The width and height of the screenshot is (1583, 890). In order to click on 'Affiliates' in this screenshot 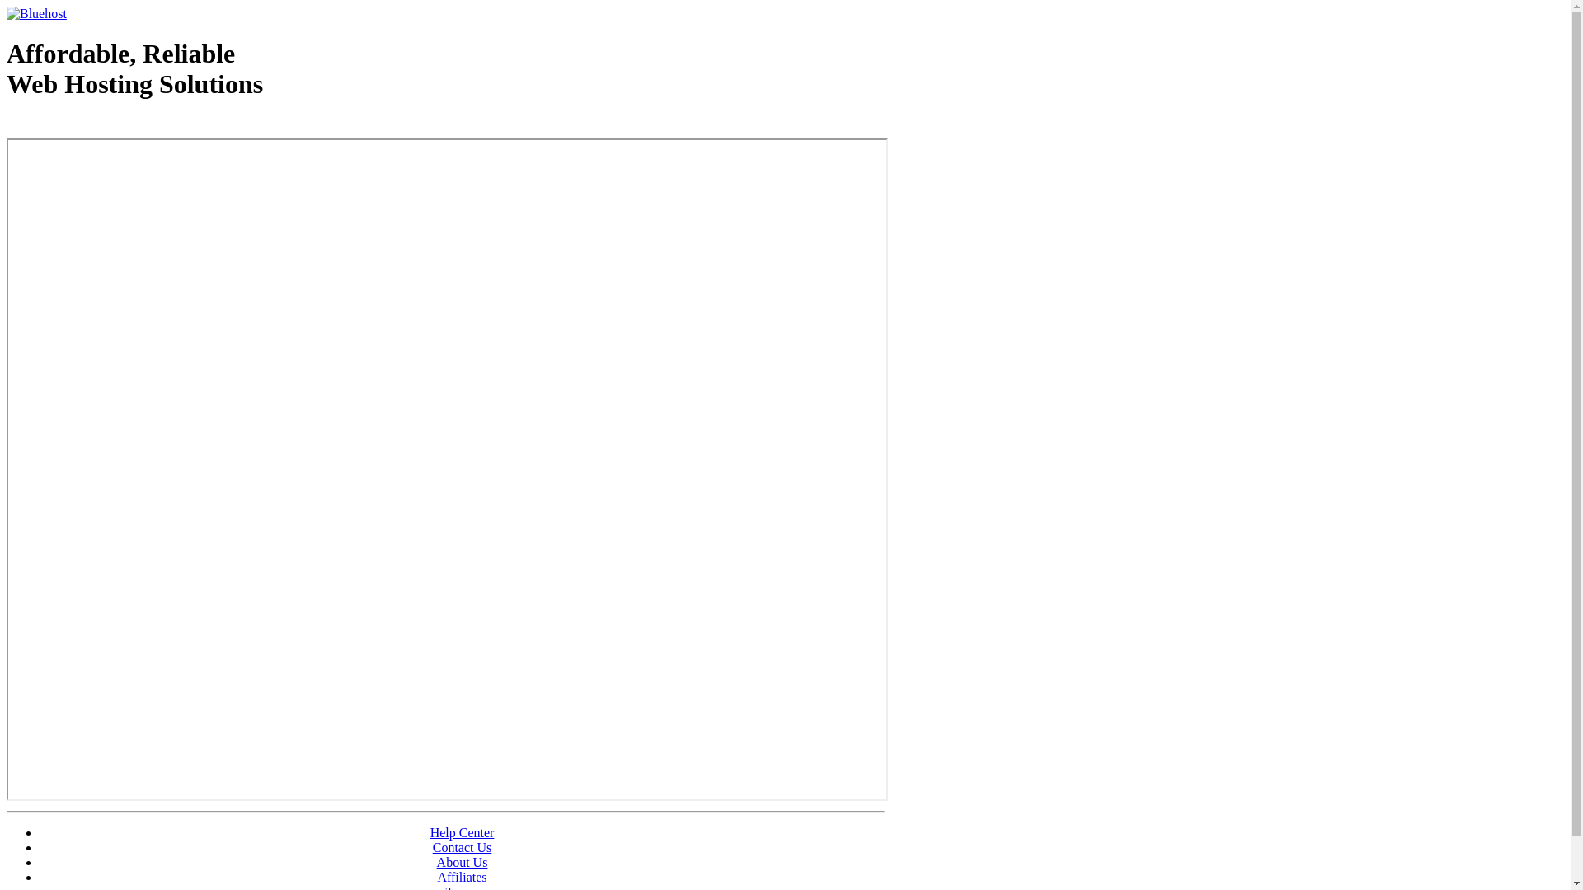, I will do `click(462, 876)`.